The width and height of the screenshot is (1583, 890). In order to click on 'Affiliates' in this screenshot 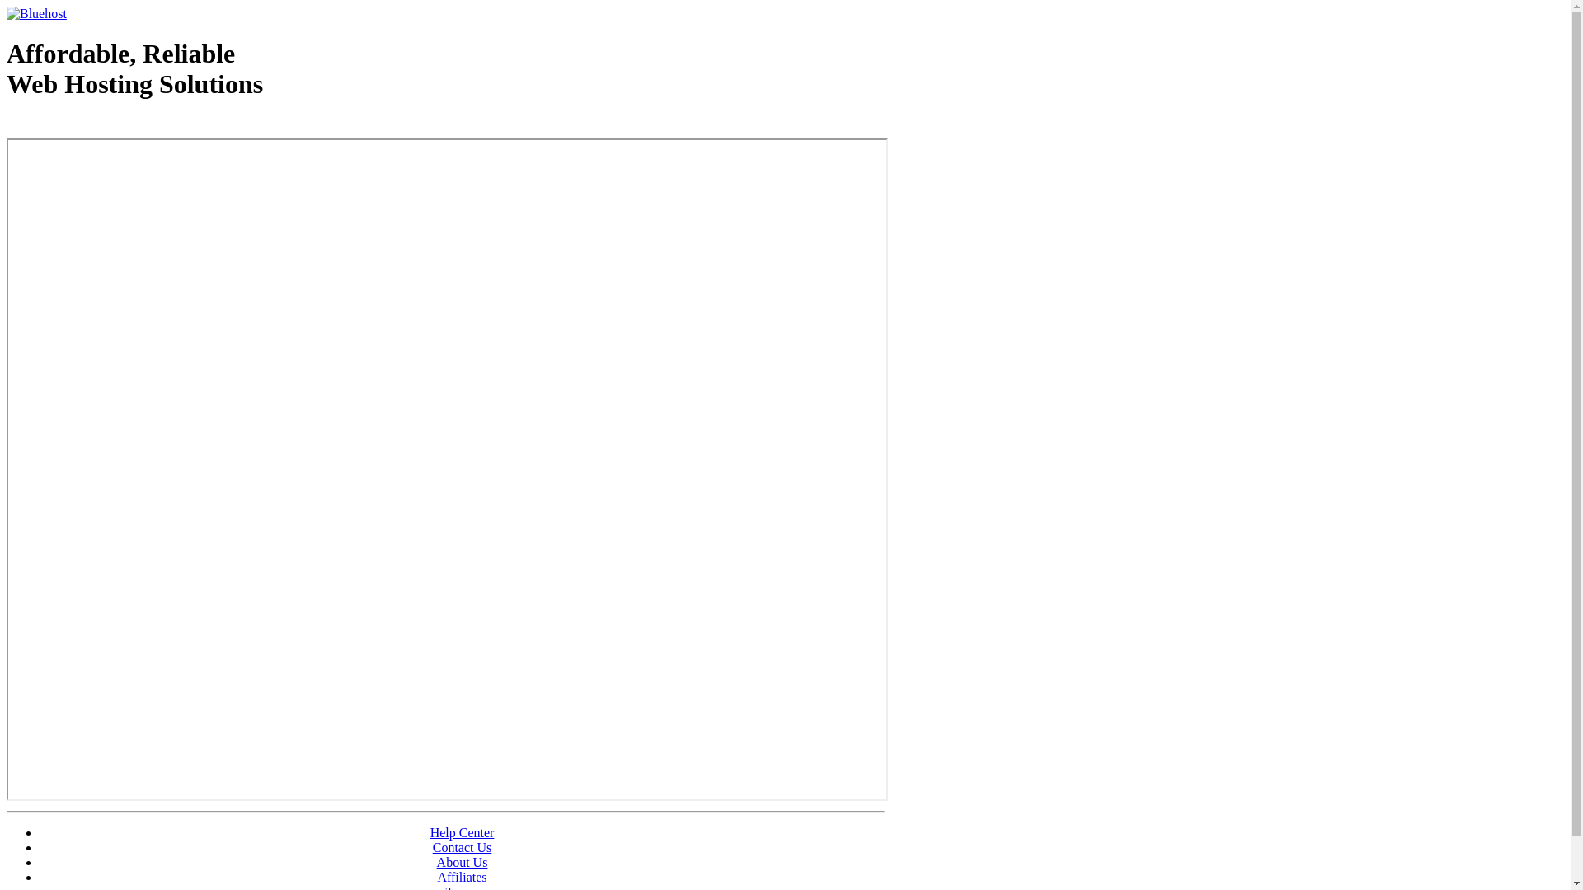, I will do `click(462, 876)`.